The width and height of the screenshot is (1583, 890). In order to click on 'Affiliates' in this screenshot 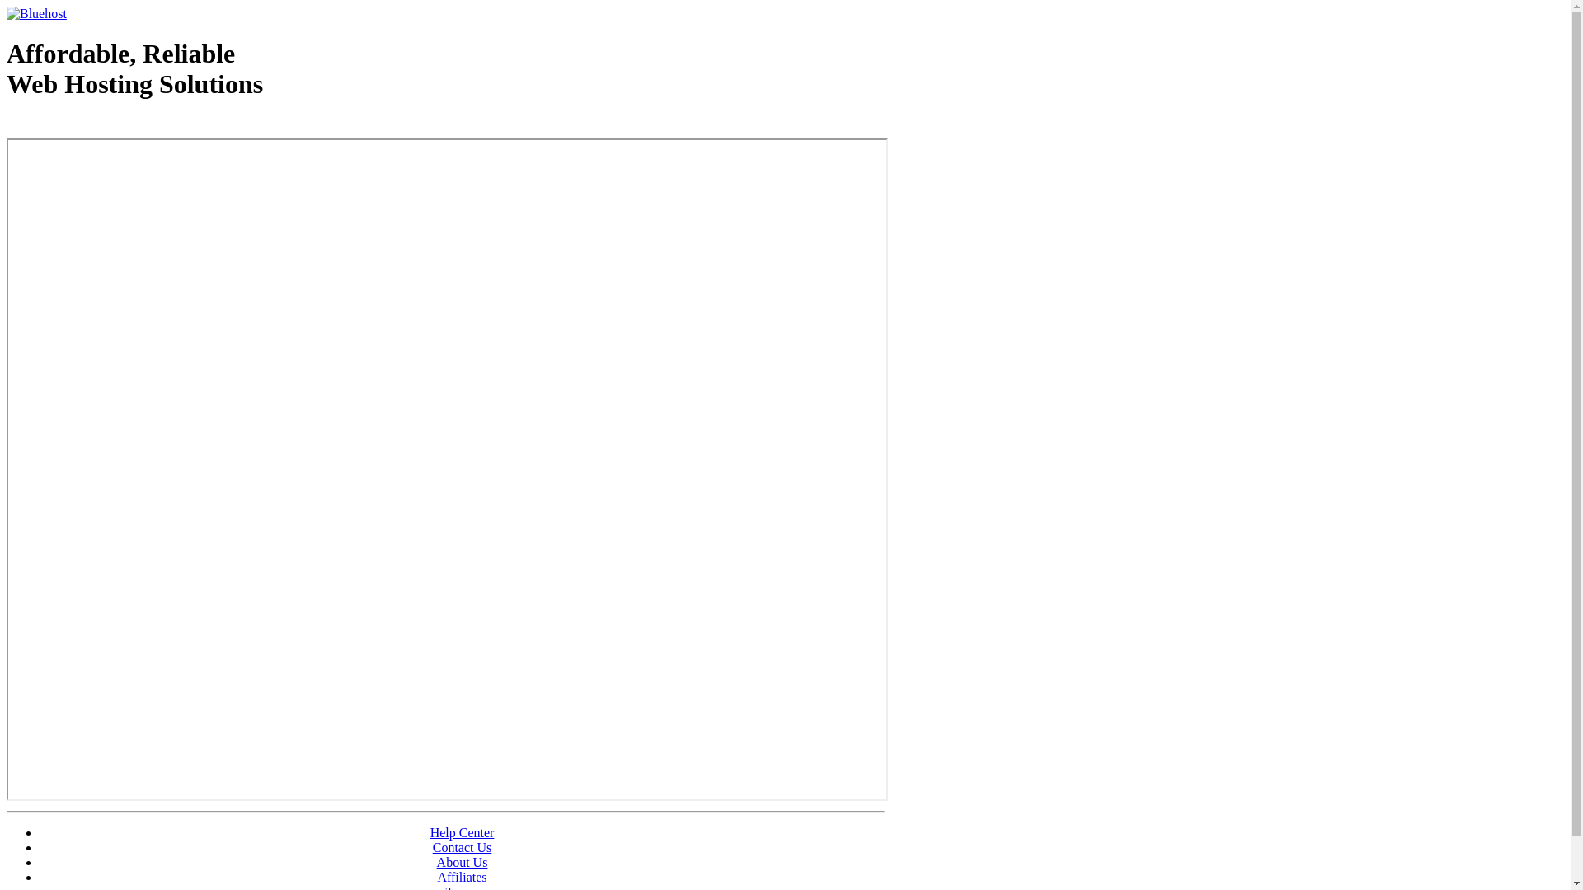, I will do `click(462, 876)`.